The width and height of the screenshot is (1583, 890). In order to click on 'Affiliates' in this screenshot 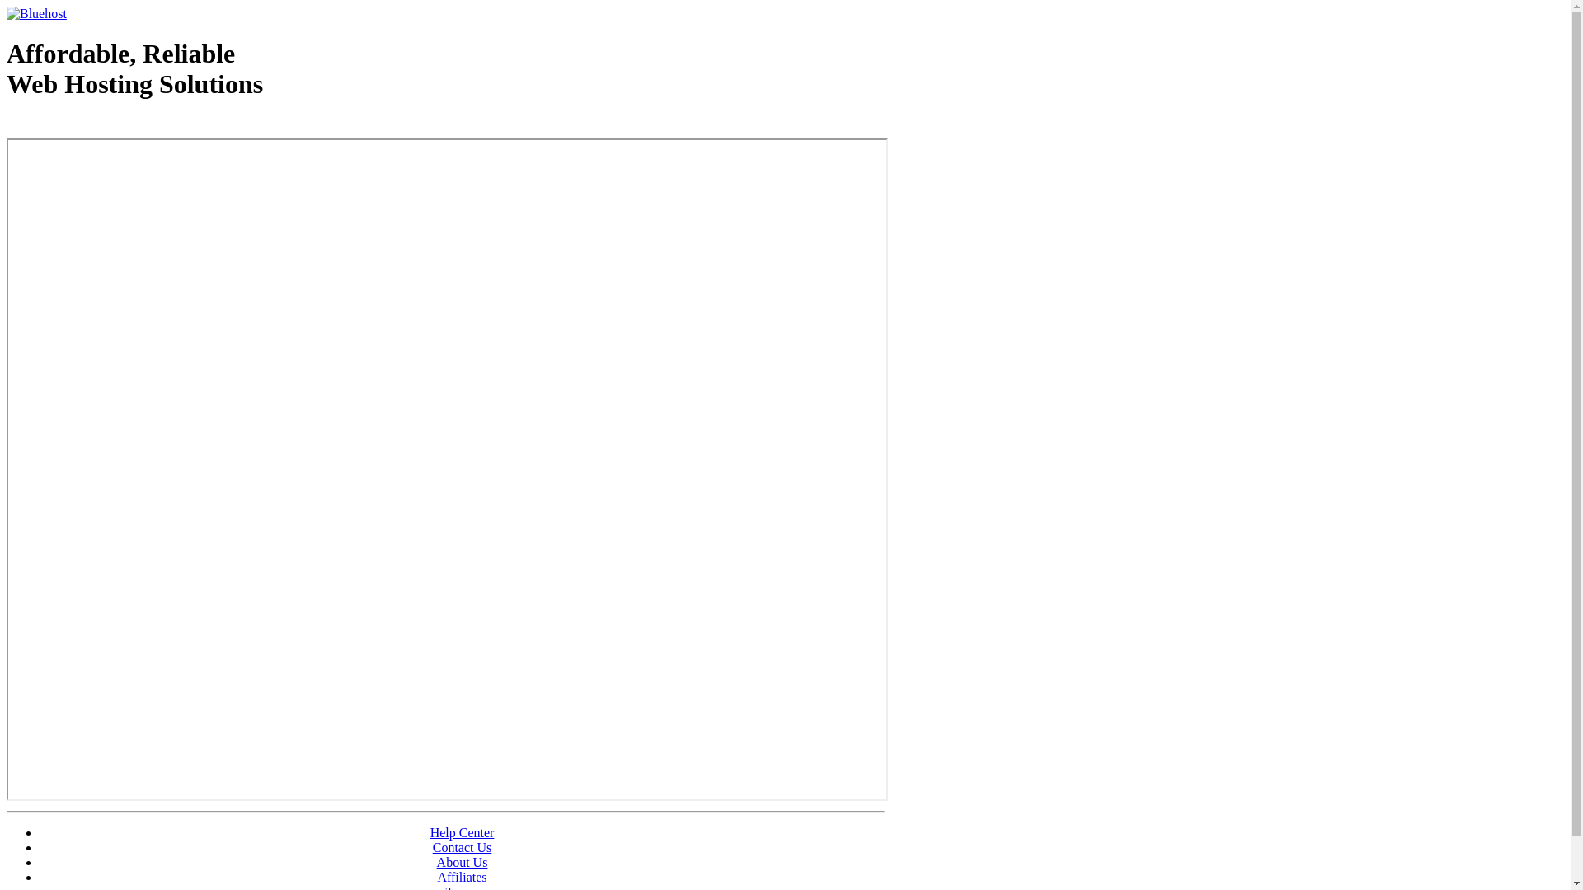, I will do `click(462, 876)`.